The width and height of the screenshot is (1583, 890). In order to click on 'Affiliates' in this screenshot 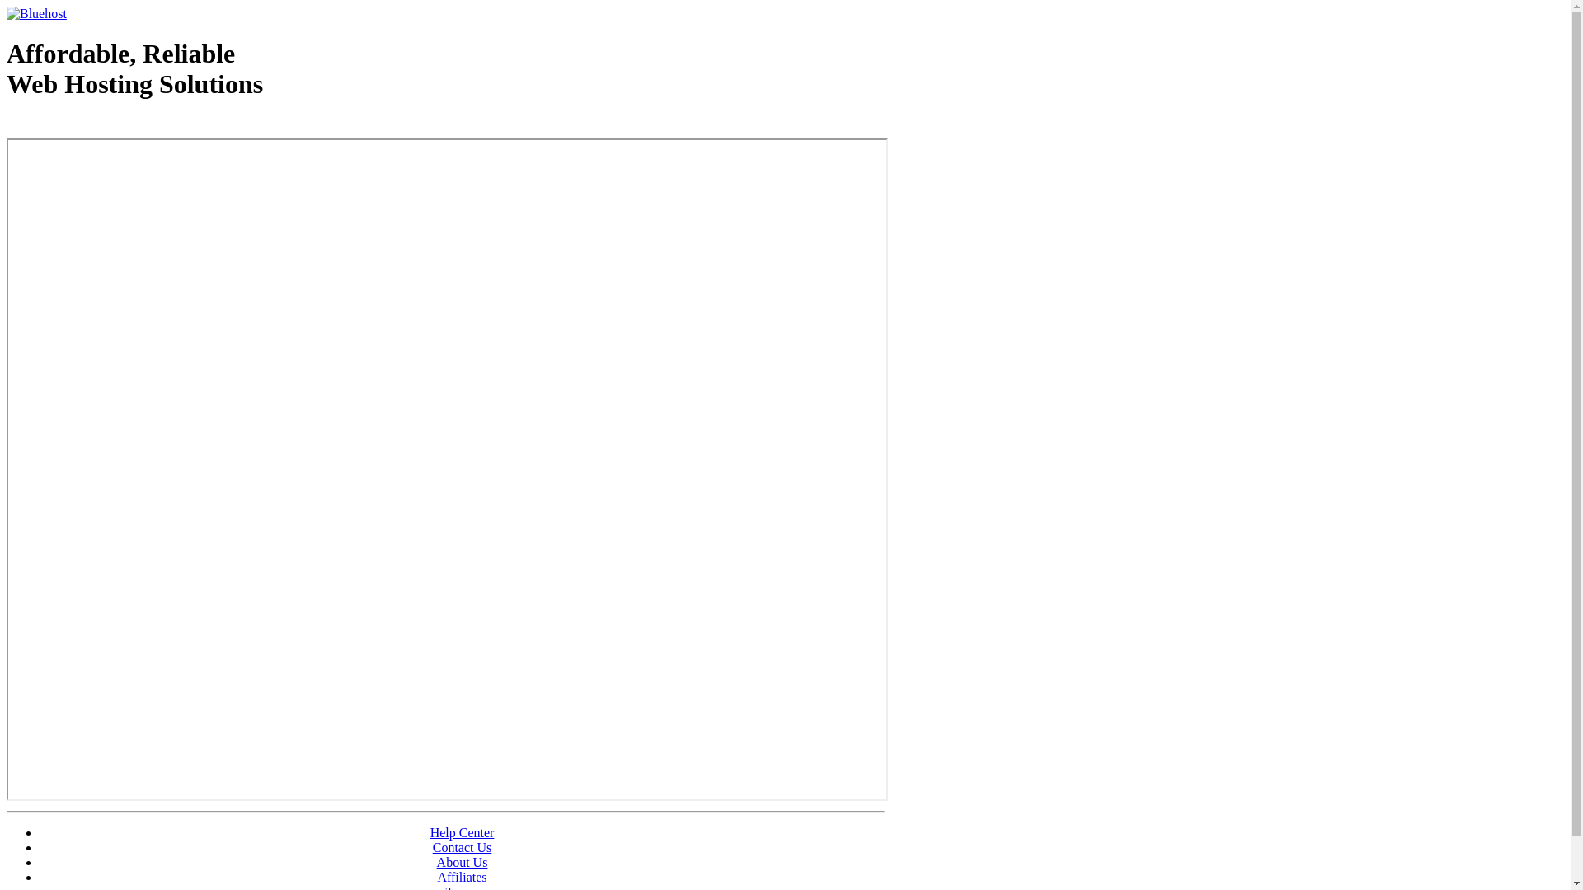, I will do `click(462, 876)`.